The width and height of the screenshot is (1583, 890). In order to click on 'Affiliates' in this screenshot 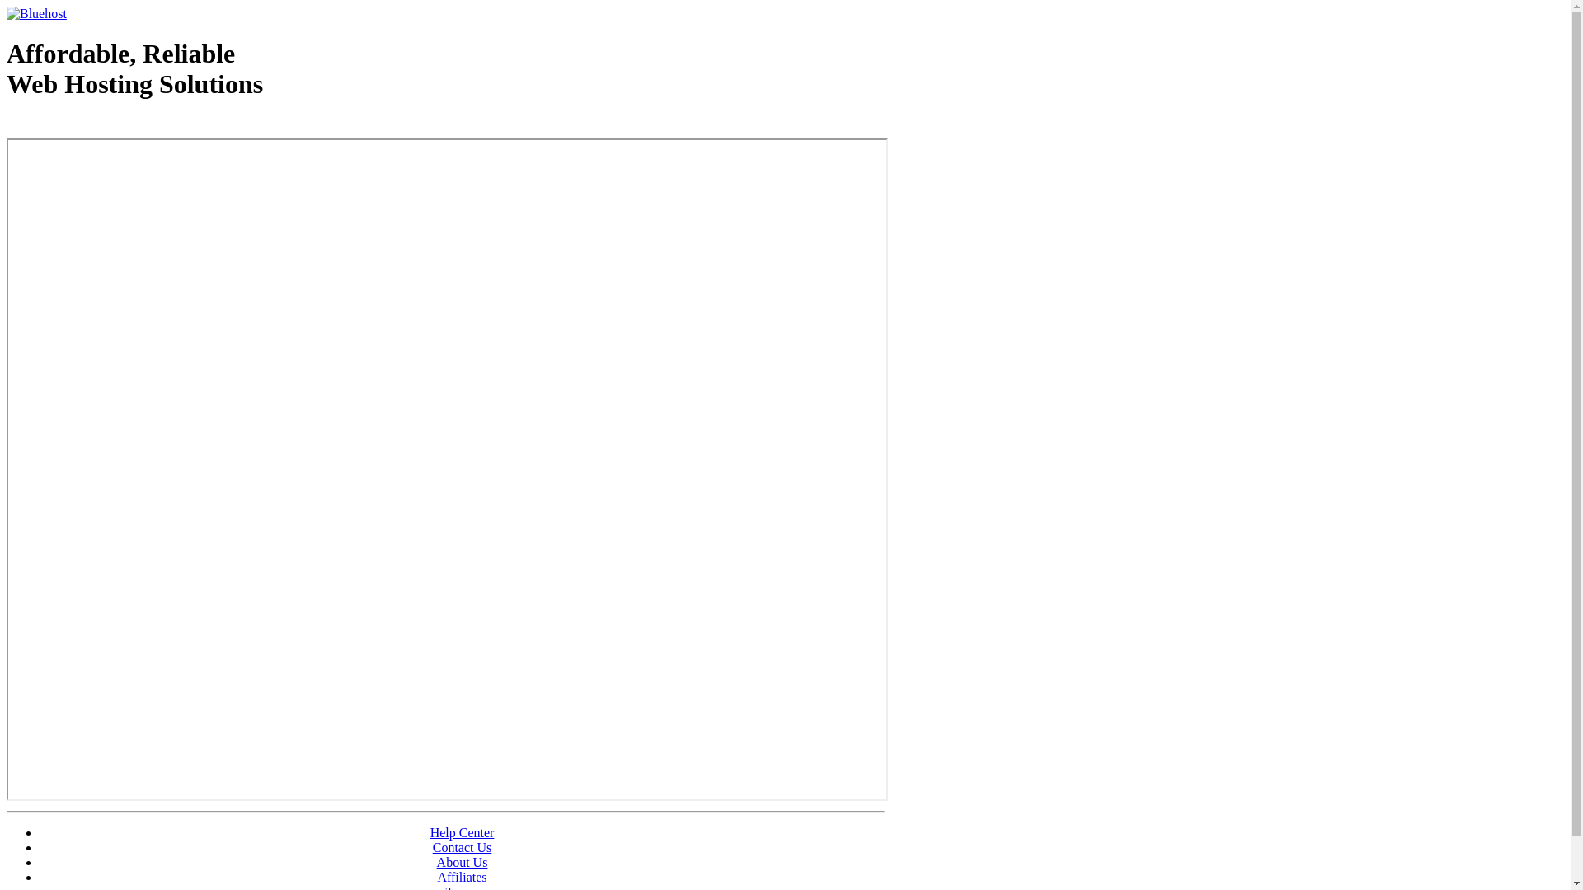, I will do `click(462, 876)`.